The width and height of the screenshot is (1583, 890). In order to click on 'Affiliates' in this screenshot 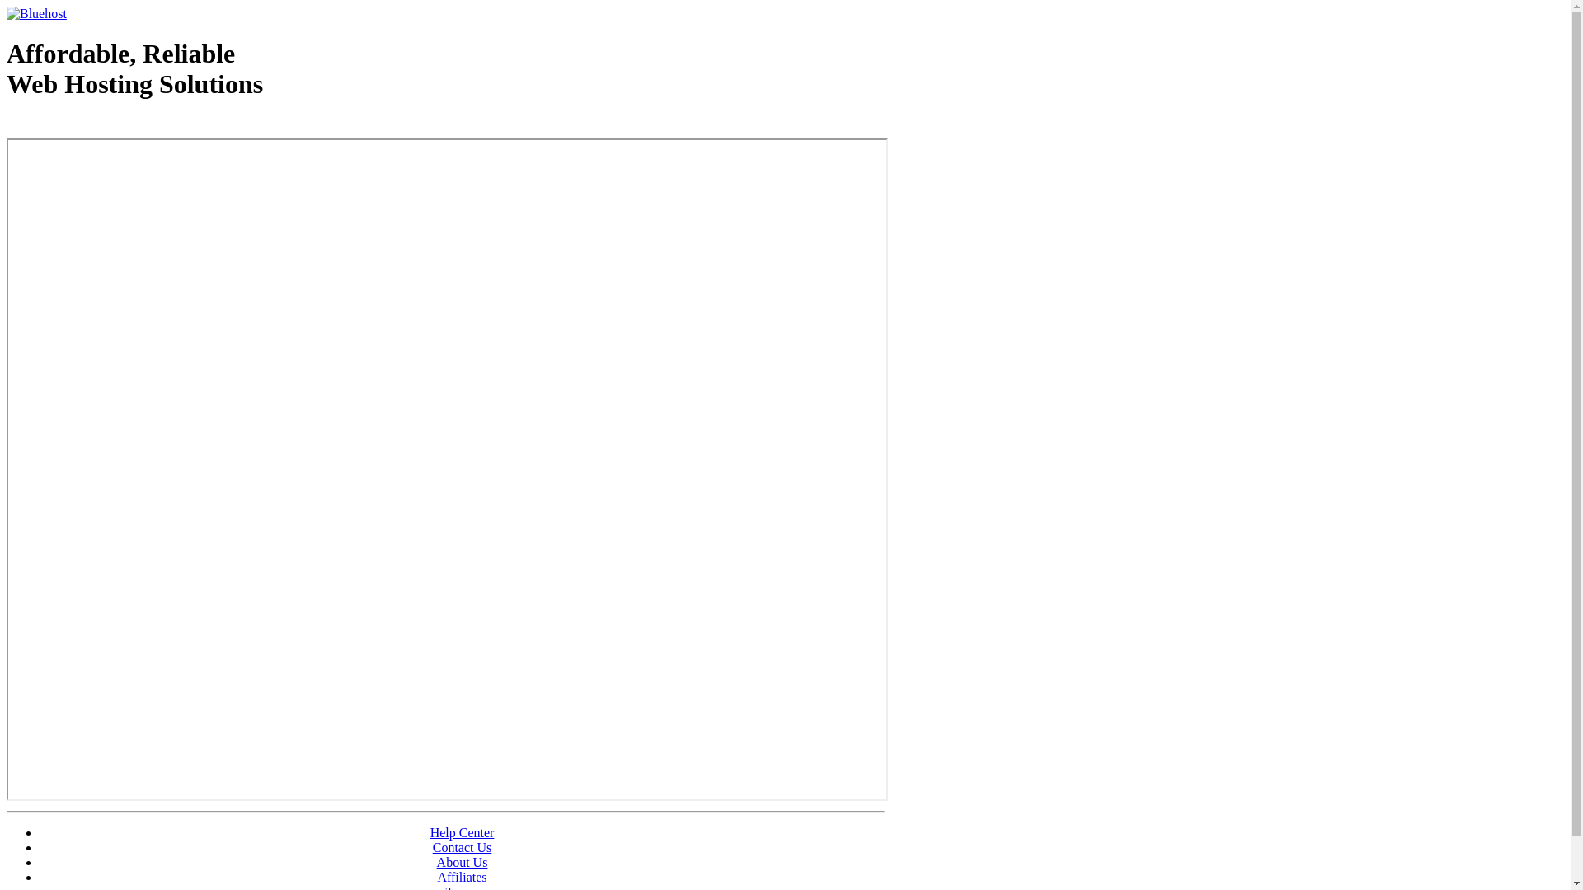, I will do `click(462, 876)`.